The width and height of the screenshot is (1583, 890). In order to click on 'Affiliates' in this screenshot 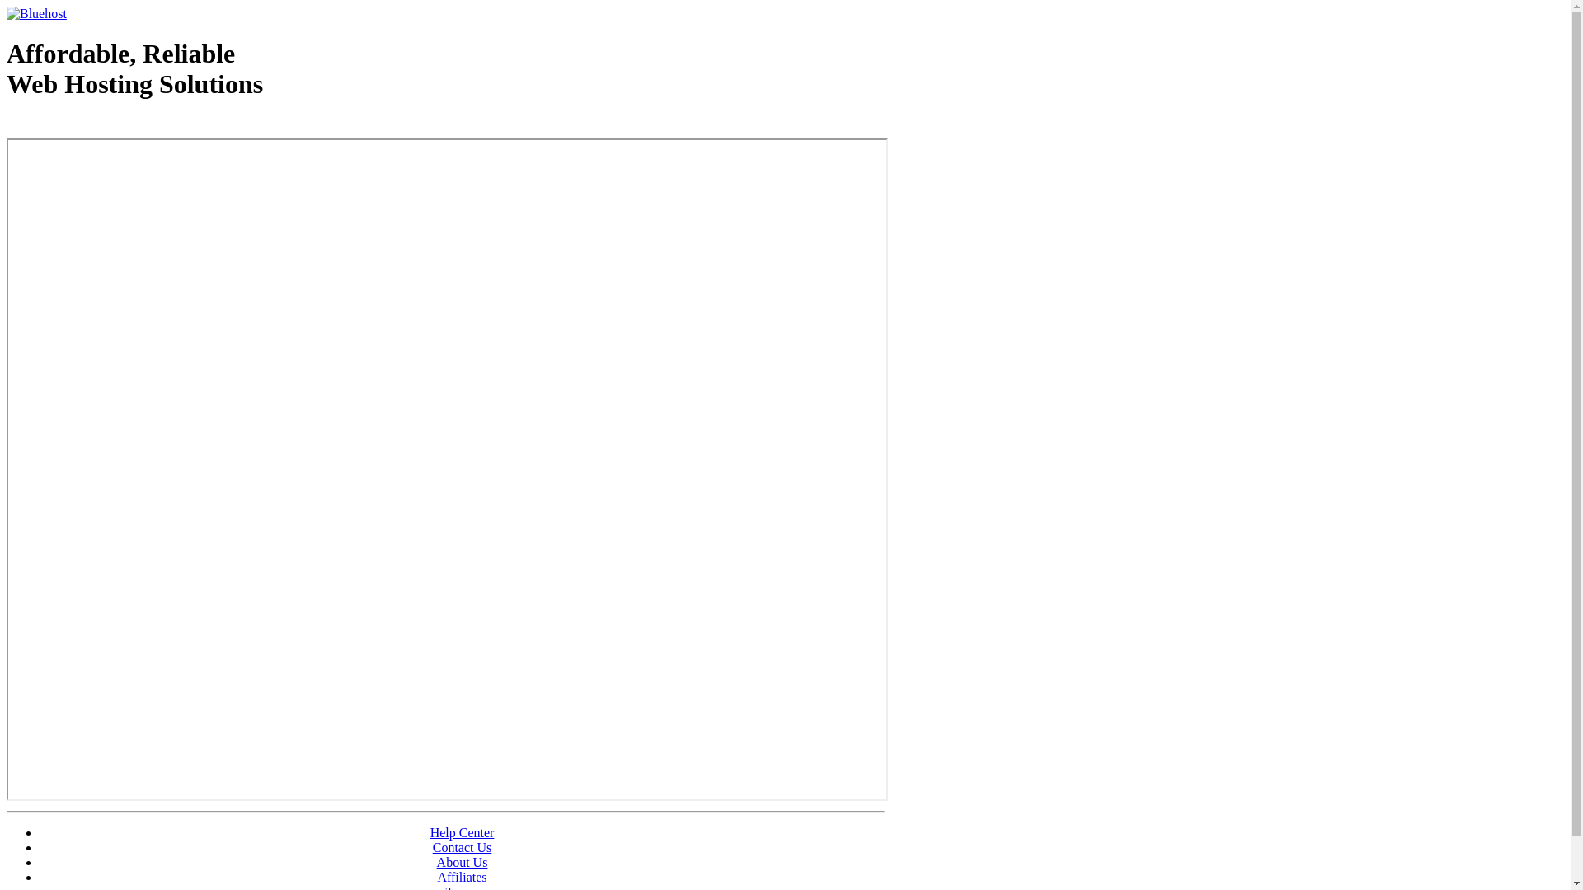, I will do `click(462, 876)`.